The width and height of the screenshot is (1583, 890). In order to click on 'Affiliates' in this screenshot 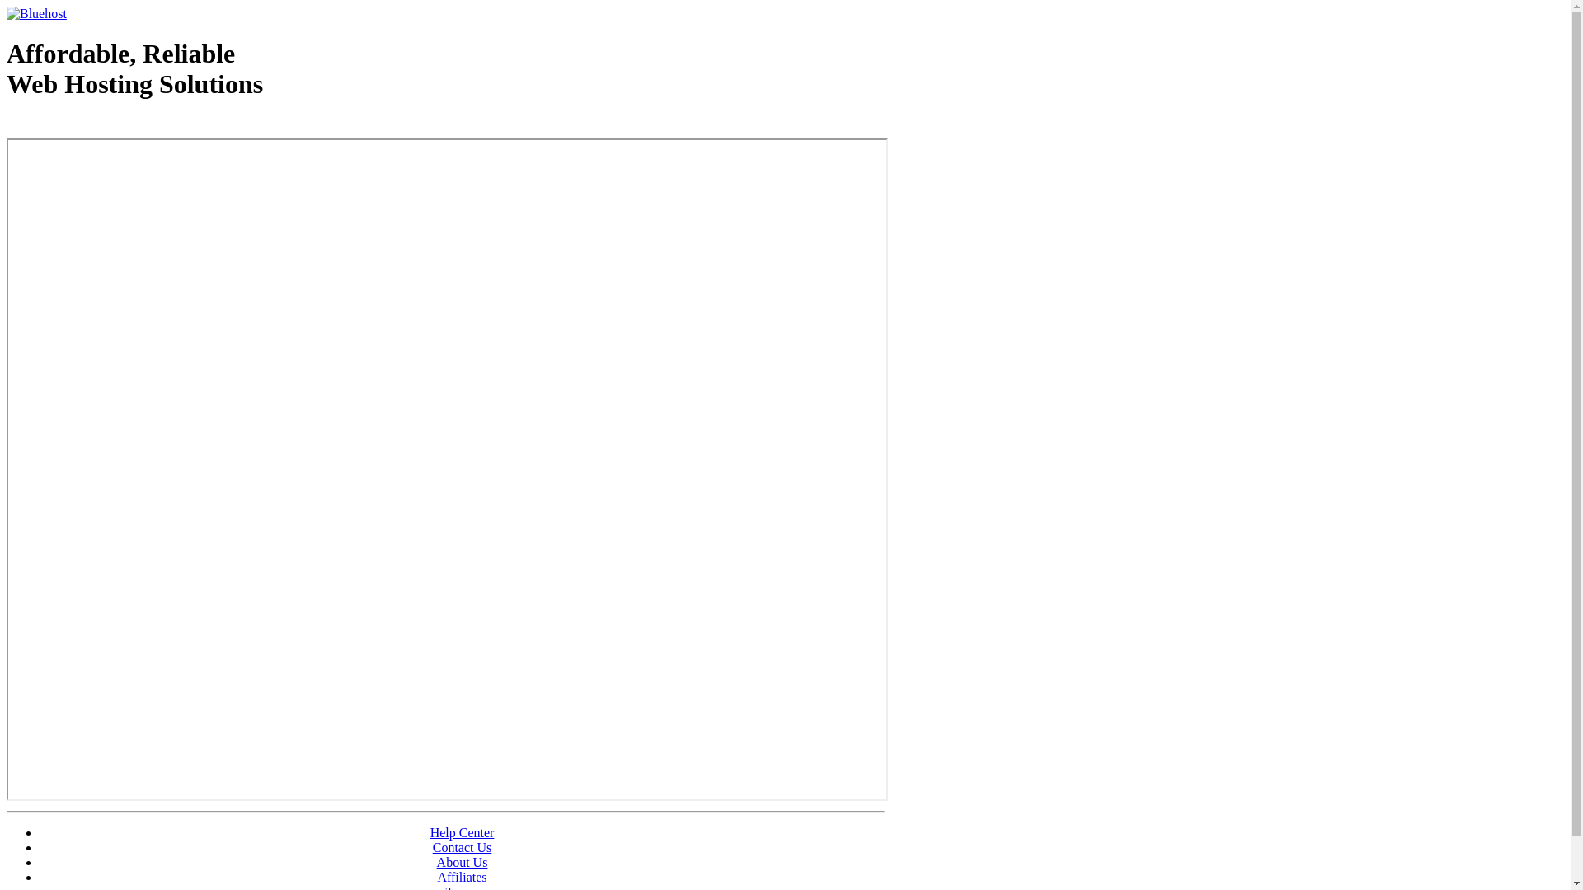, I will do `click(462, 876)`.